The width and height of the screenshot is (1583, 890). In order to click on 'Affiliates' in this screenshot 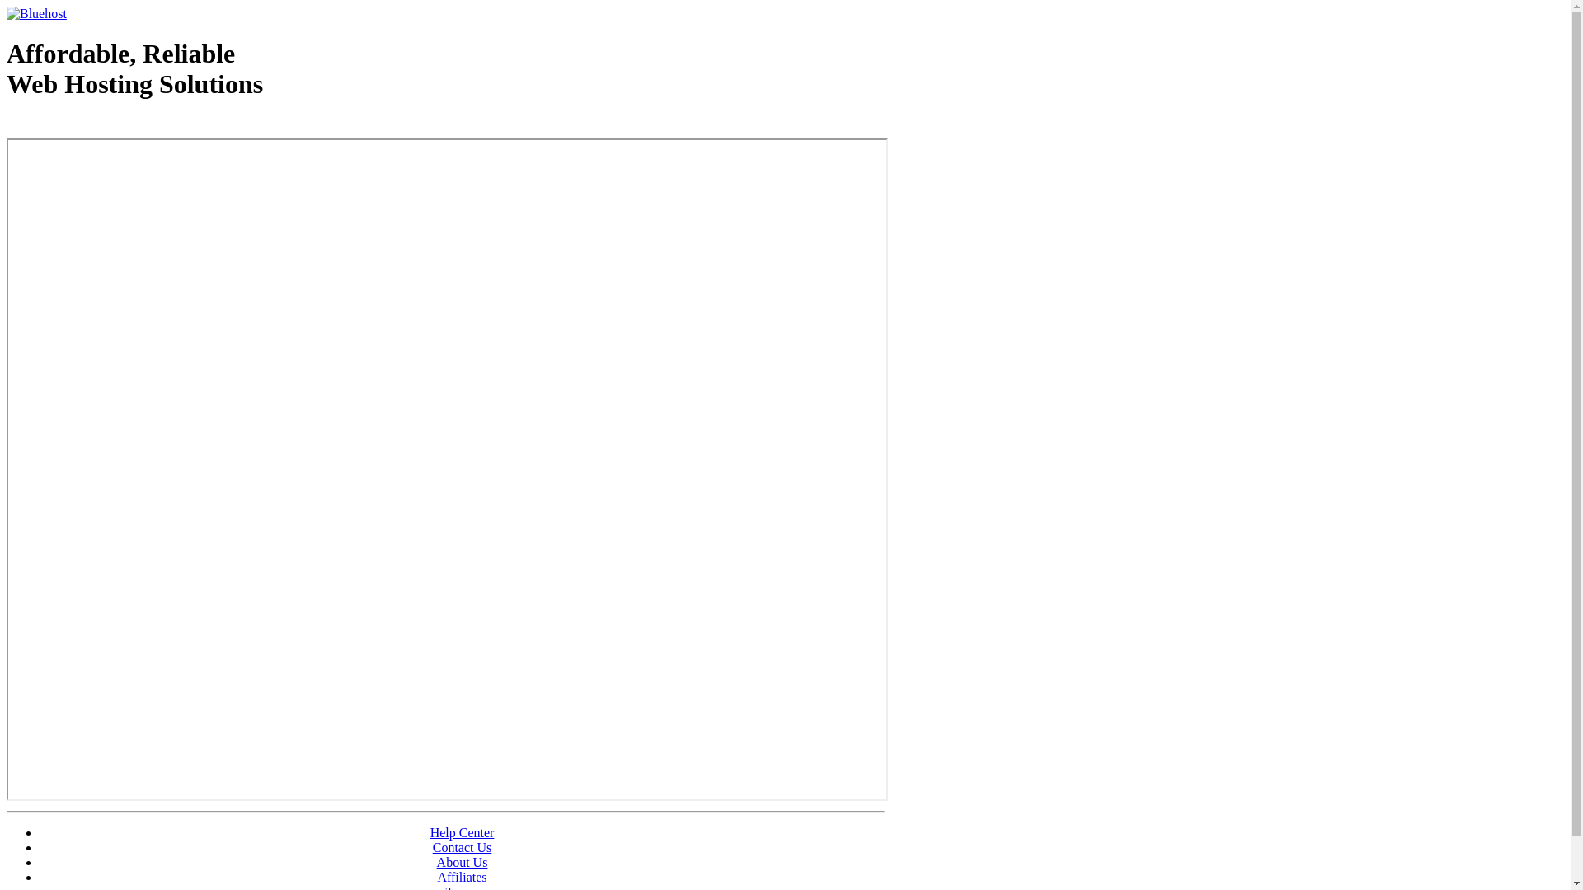, I will do `click(462, 876)`.